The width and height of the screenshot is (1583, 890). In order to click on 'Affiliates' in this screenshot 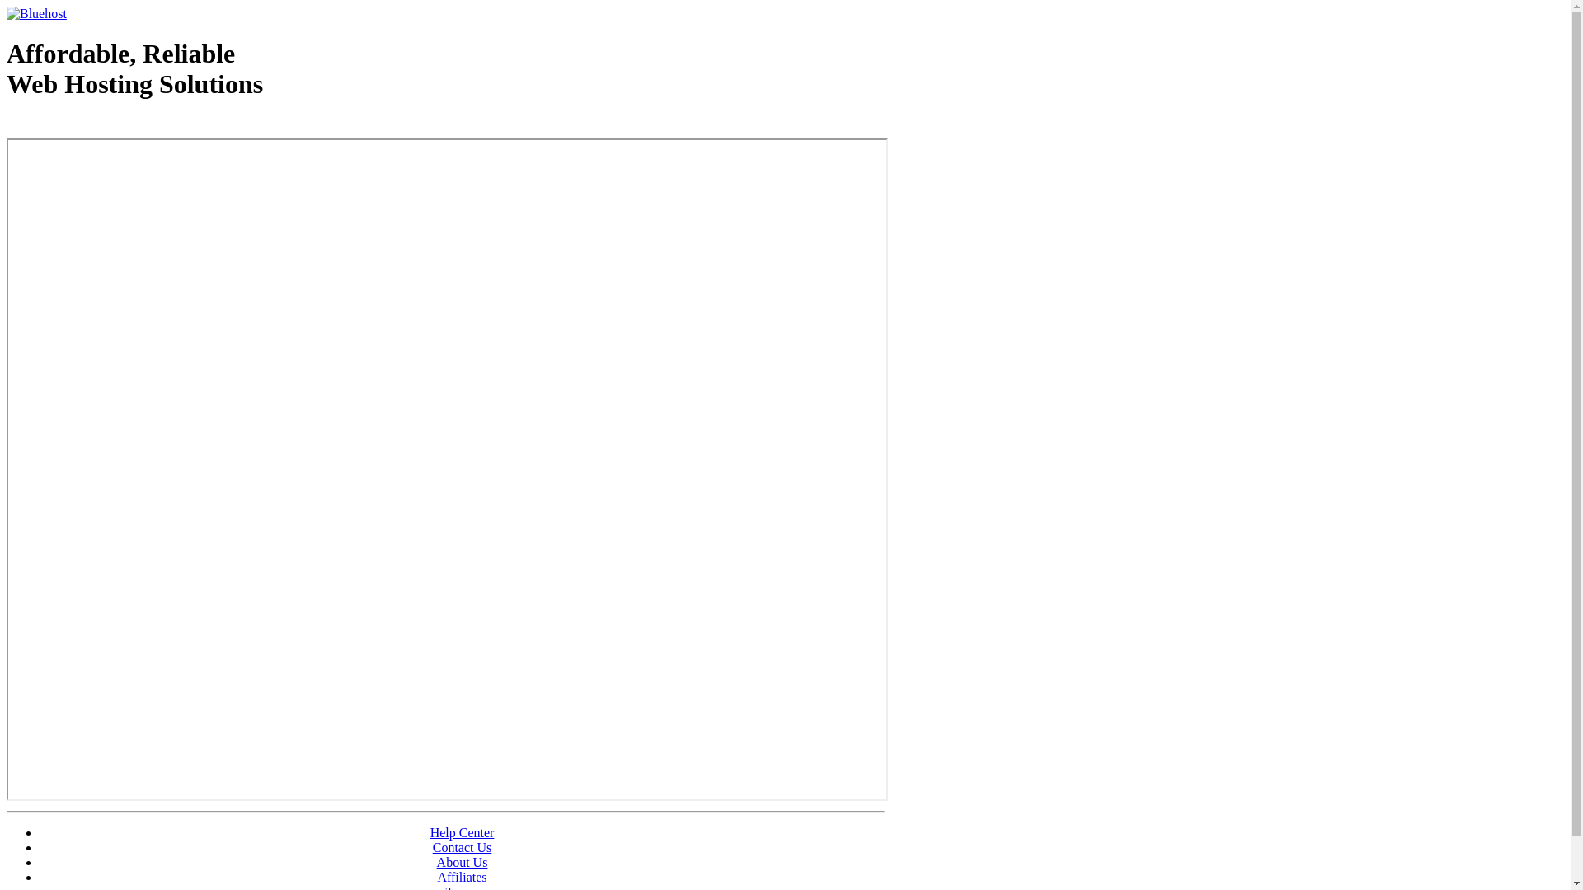, I will do `click(462, 876)`.